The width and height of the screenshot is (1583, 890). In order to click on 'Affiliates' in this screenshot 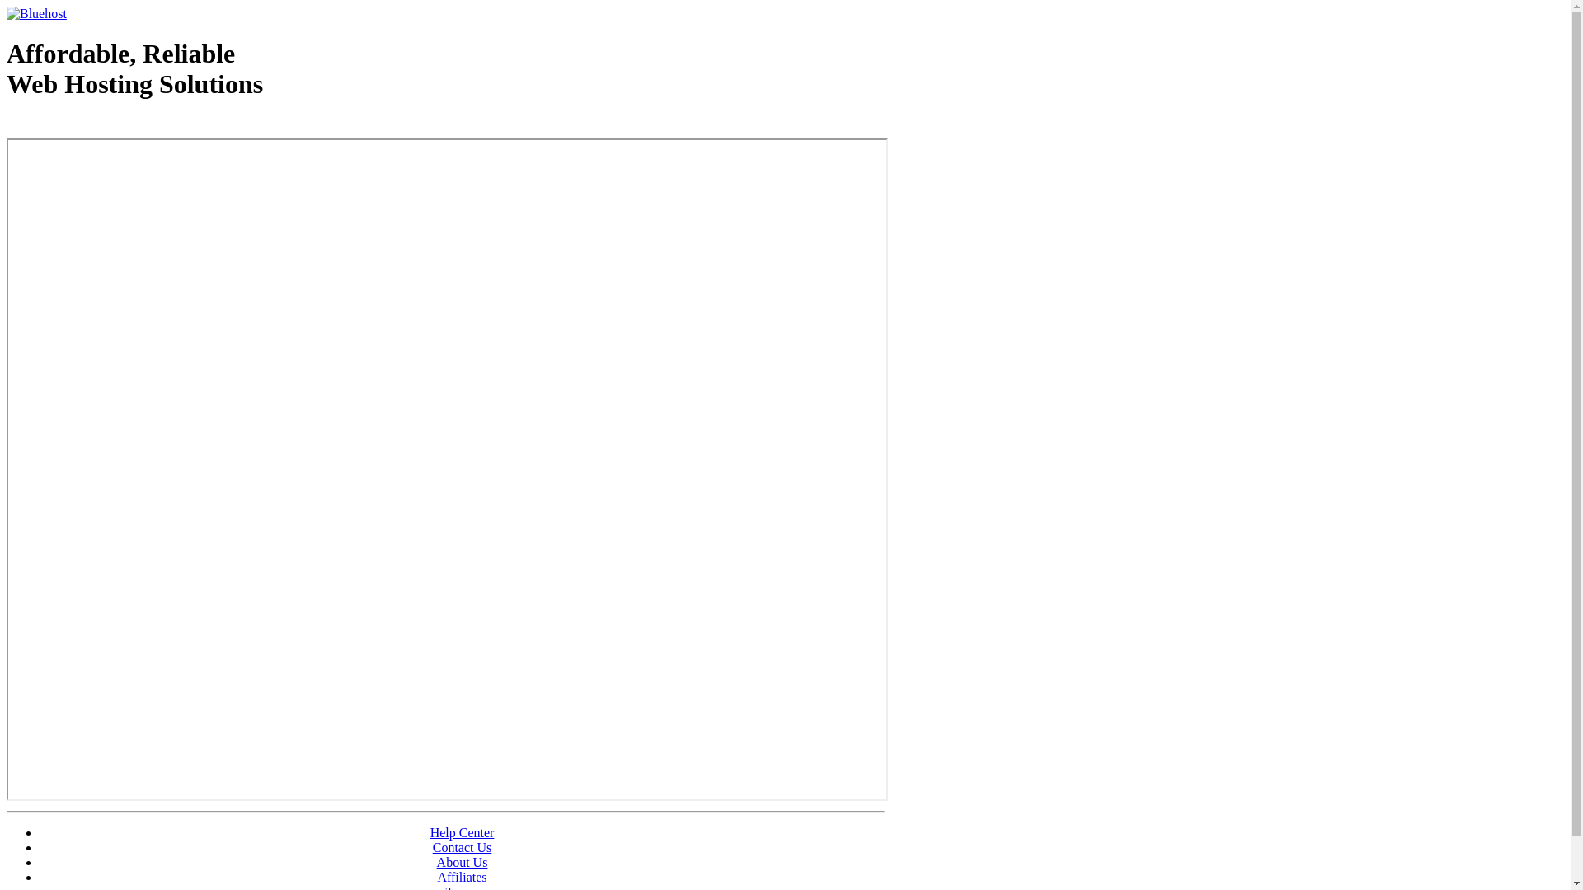, I will do `click(462, 876)`.